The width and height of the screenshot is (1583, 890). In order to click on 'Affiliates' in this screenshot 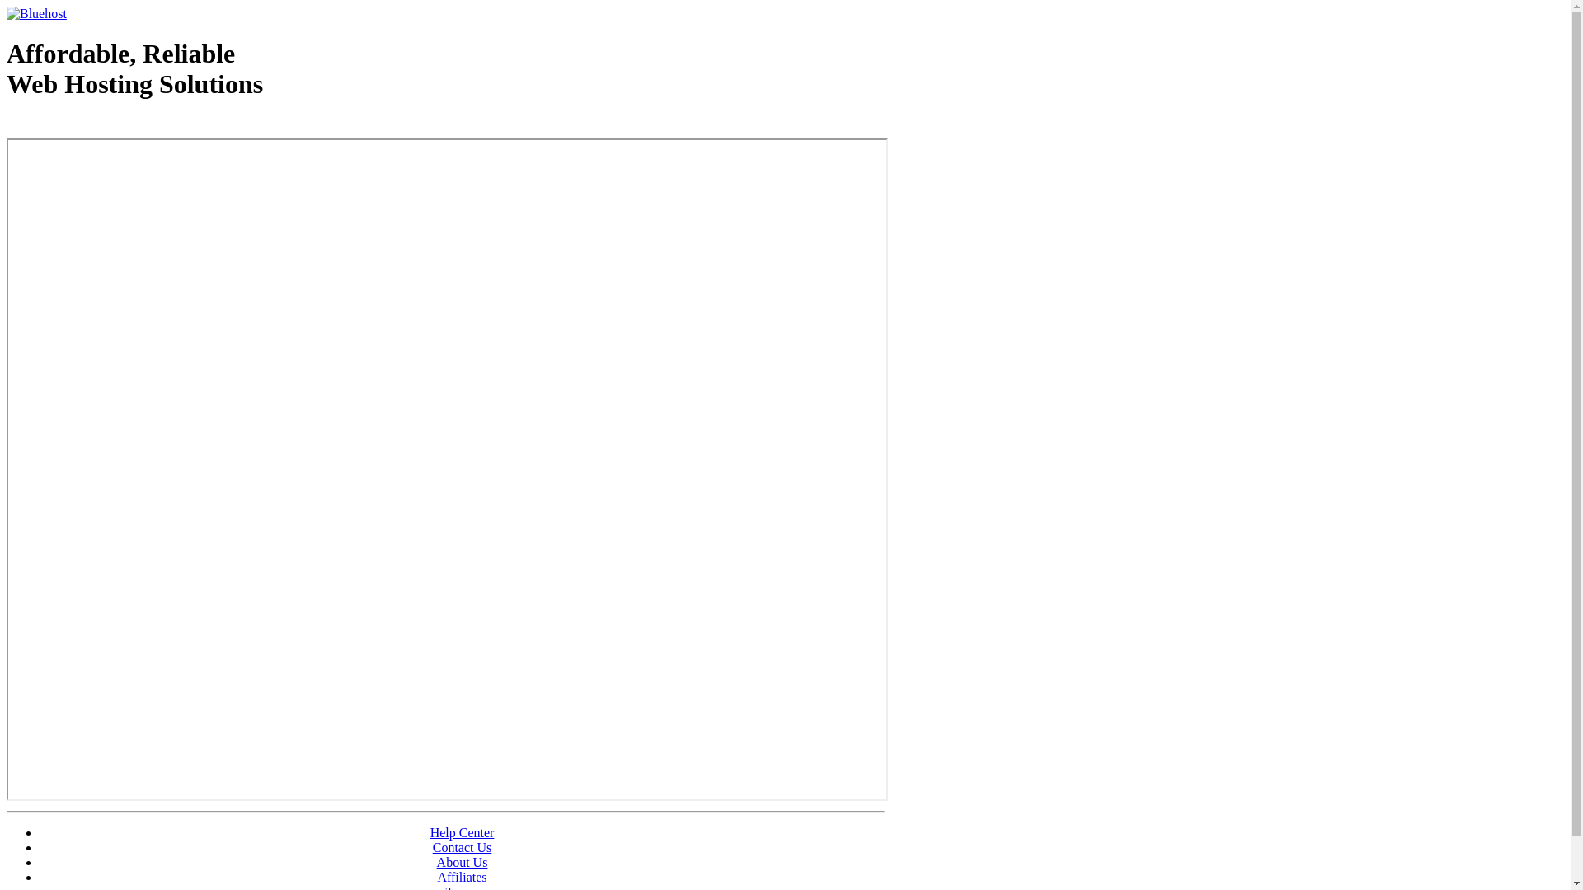, I will do `click(462, 876)`.